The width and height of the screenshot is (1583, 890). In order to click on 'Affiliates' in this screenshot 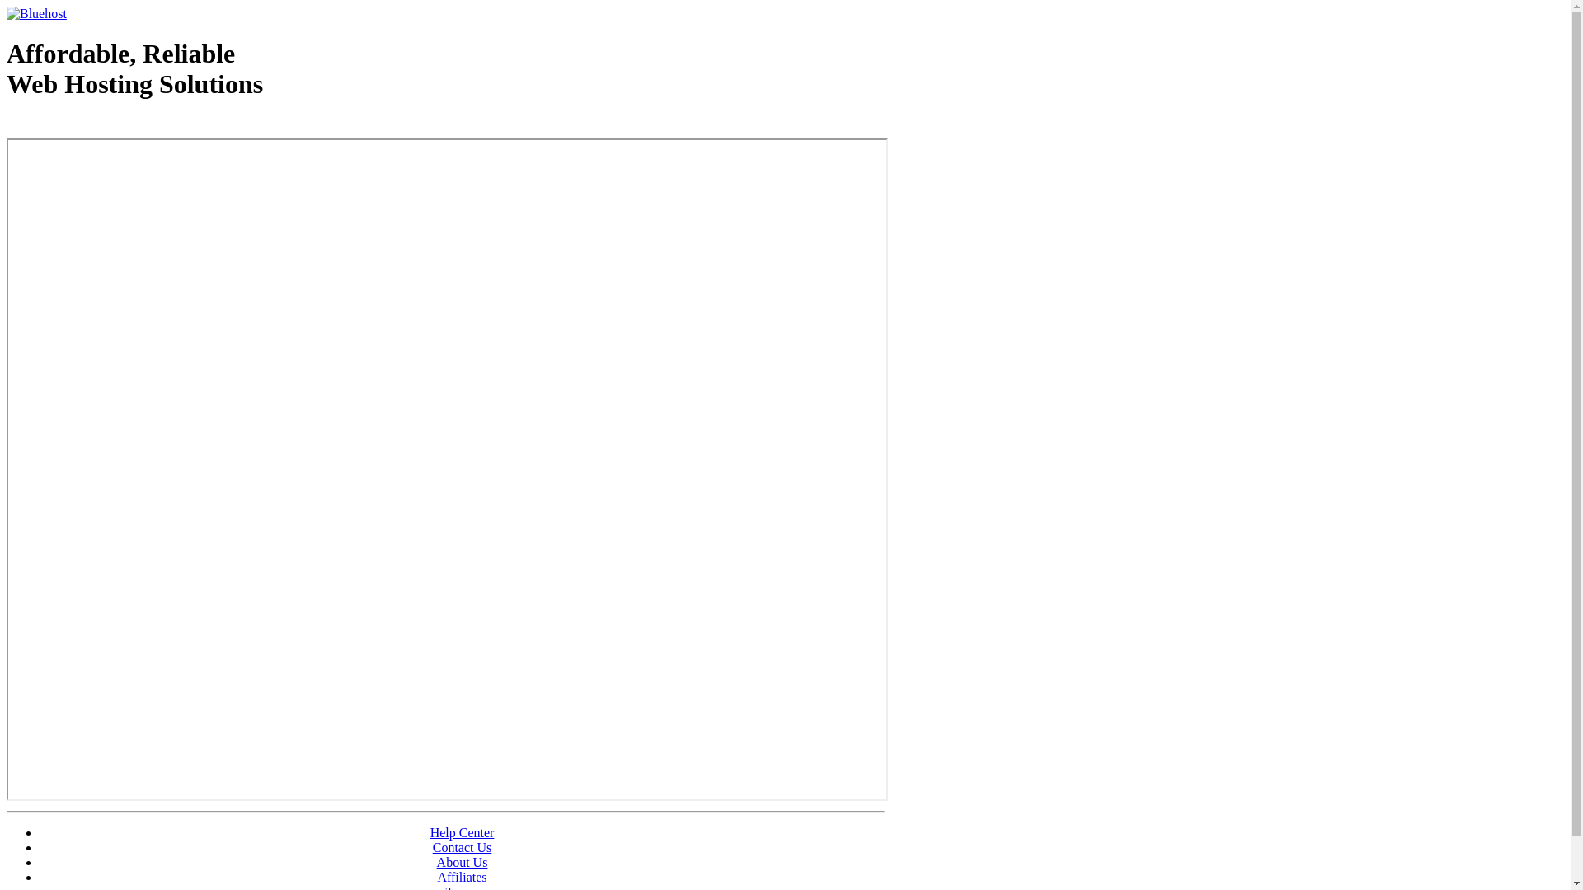, I will do `click(462, 876)`.